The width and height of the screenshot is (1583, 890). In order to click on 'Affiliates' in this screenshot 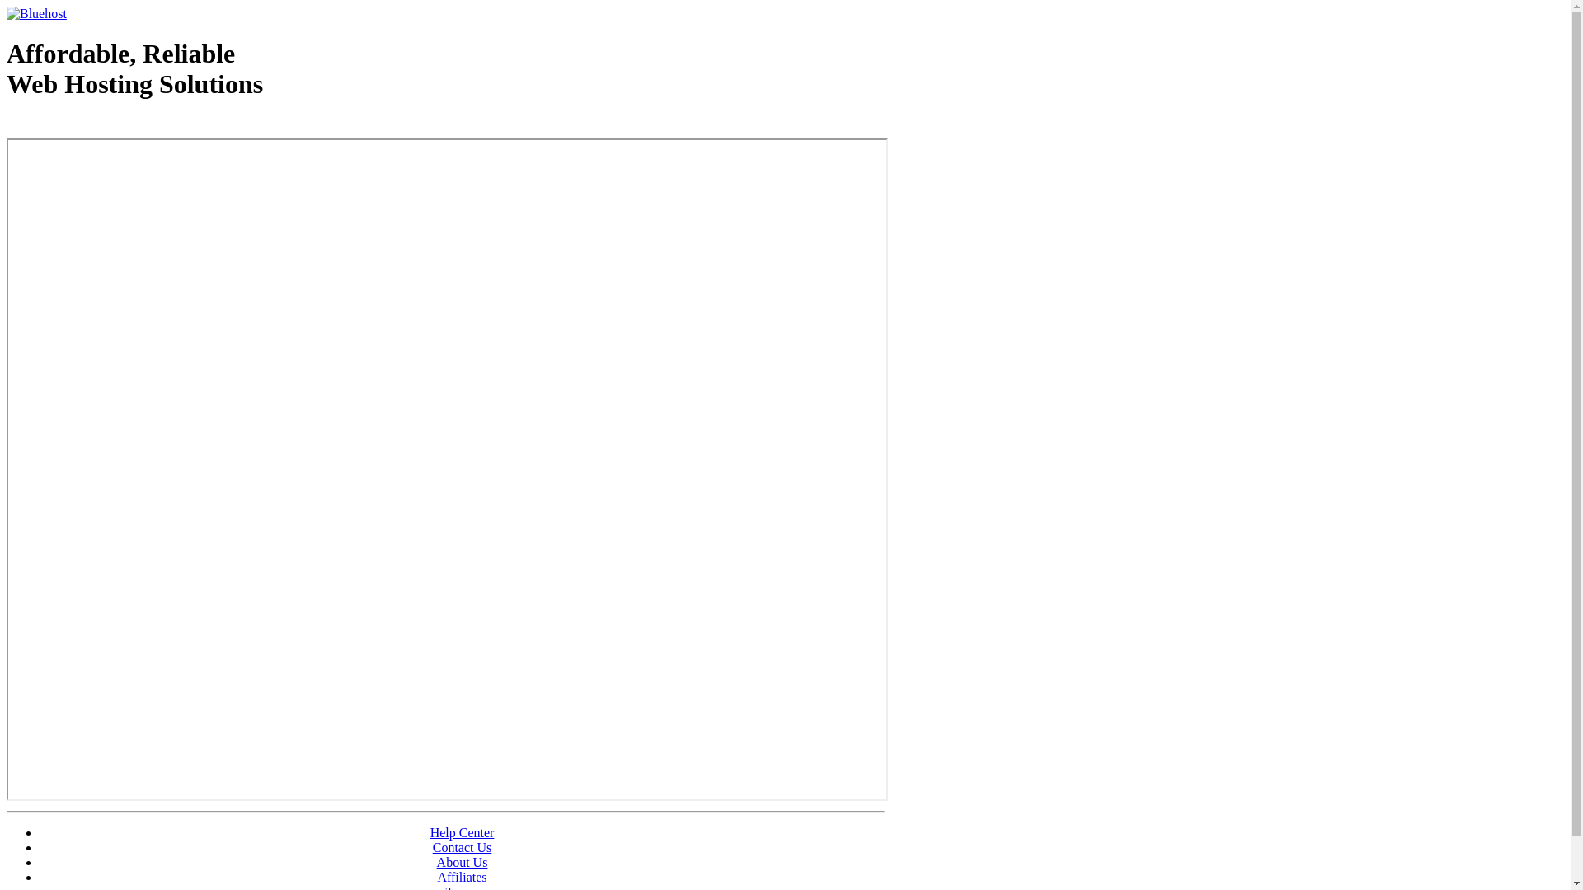, I will do `click(462, 876)`.